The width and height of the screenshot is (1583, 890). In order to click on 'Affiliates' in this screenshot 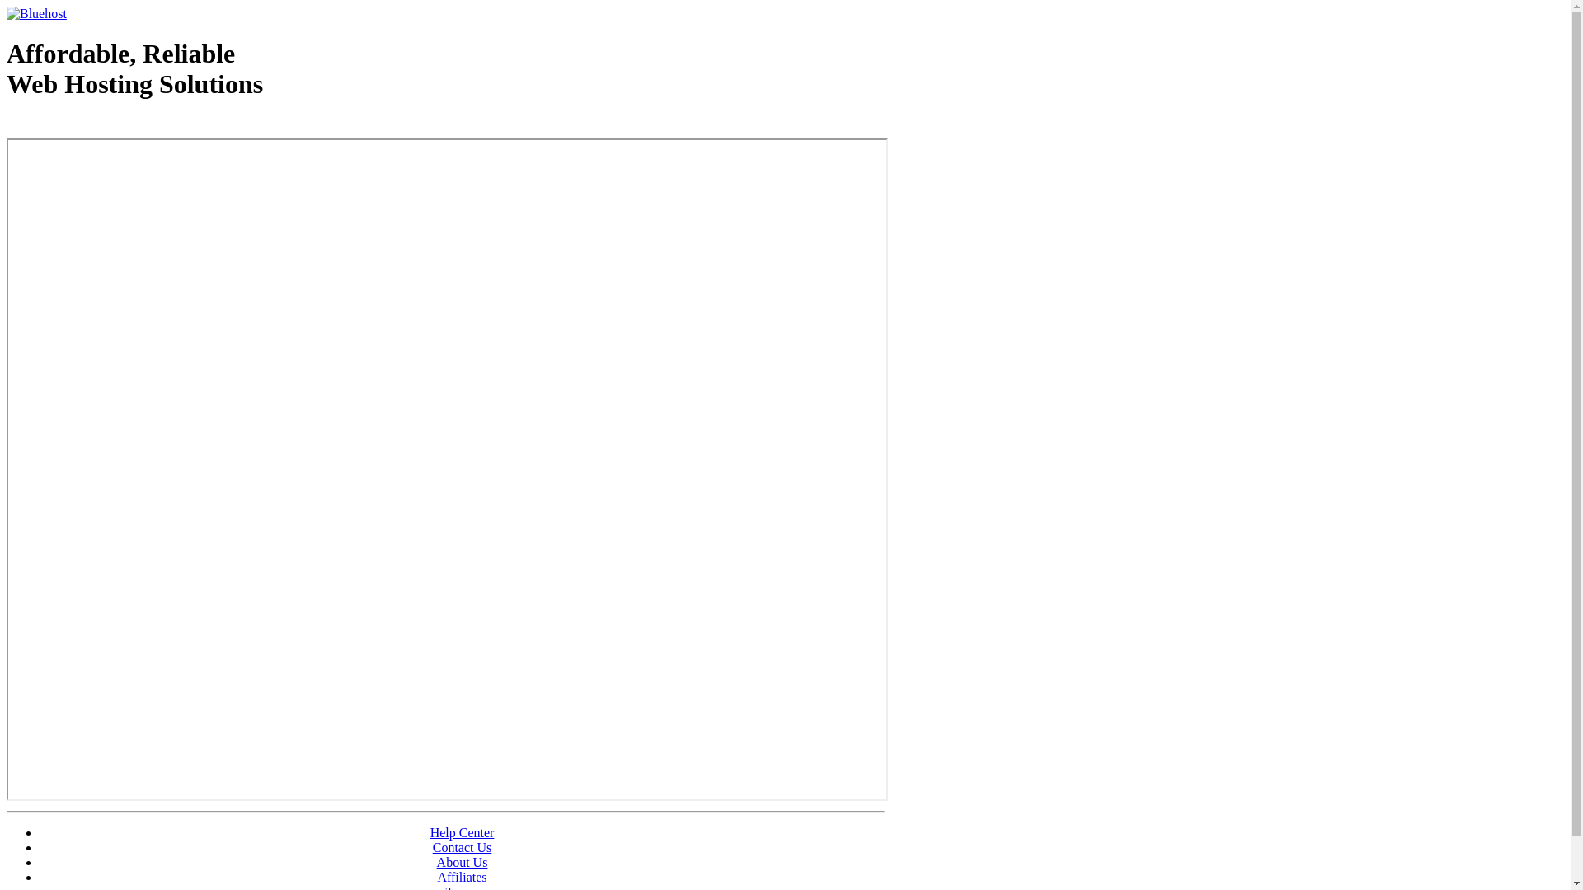, I will do `click(462, 876)`.